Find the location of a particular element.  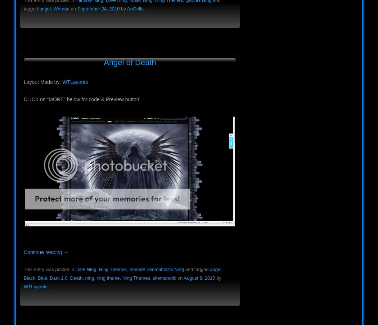

'AnGella' is located at coordinates (134, 8).